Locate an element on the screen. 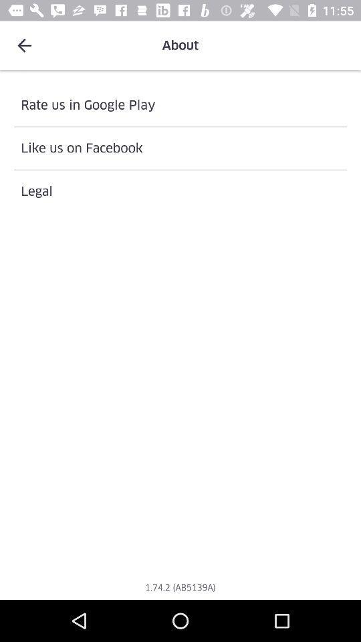  the rate us in icon is located at coordinates (180, 104).